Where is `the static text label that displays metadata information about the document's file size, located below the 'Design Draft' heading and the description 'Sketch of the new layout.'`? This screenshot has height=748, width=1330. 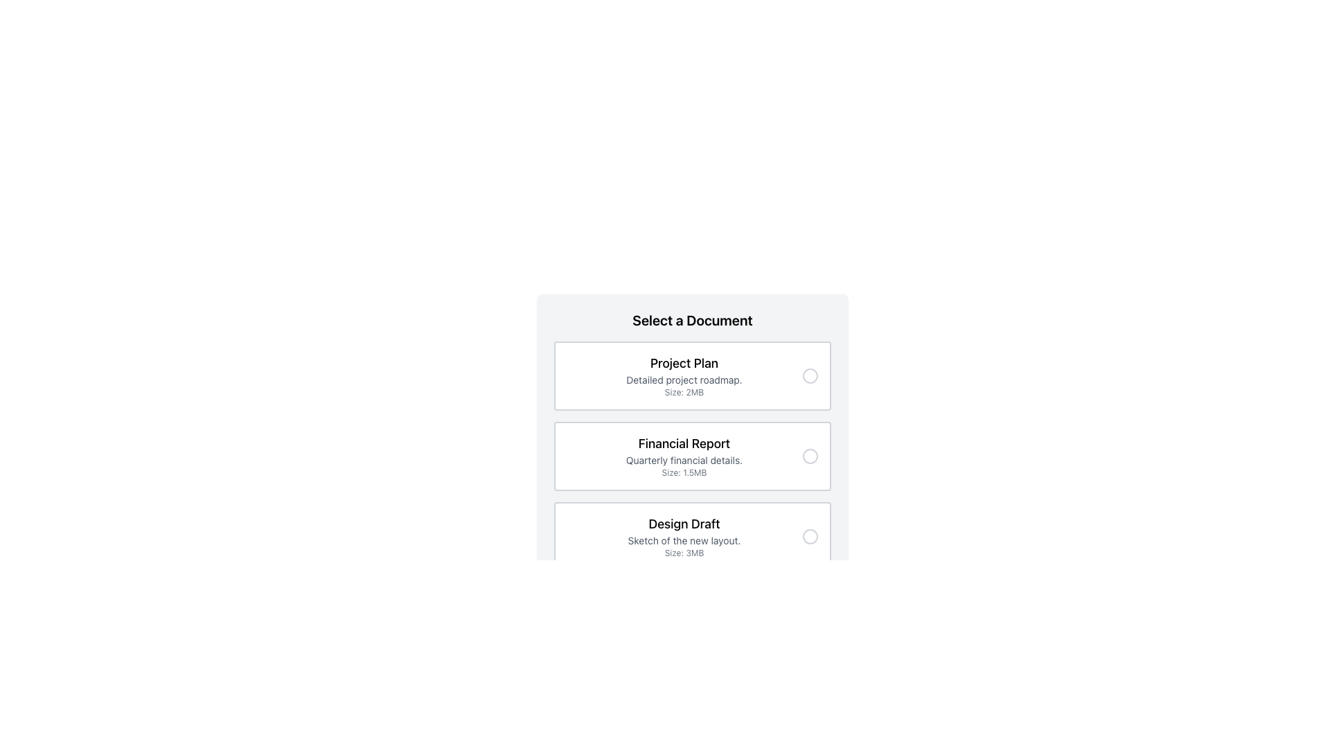
the static text label that displays metadata information about the document's file size, located below the 'Design Draft' heading and the description 'Sketch of the new layout.' is located at coordinates (684, 552).